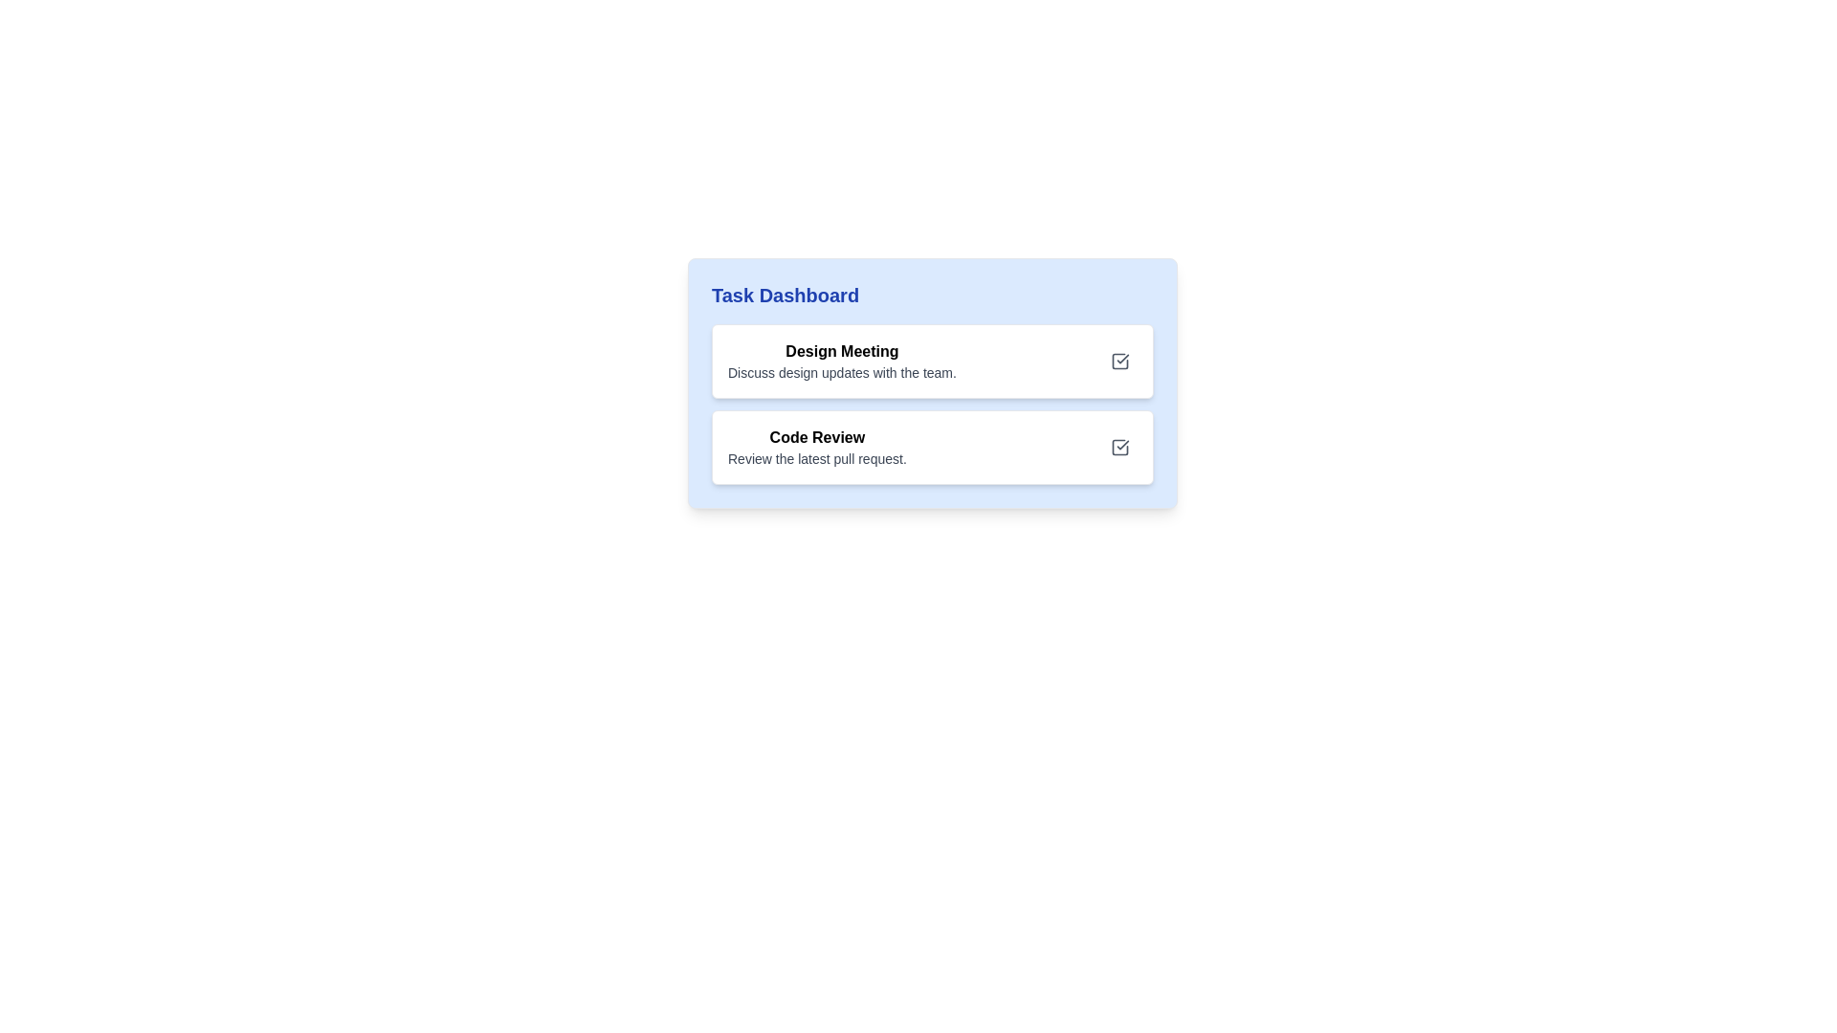 The height and width of the screenshot is (1033, 1837). I want to click on task description of the 'Design Meeting' task card, which is the first card in the 'Task Dashboard' with a light blue background, so click(932, 362).